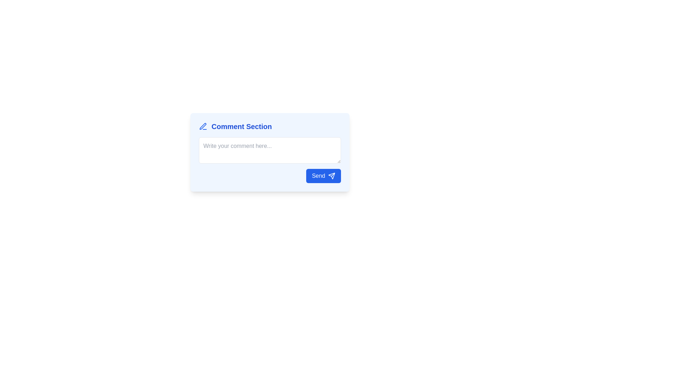 The width and height of the screenshot is (682, 384). Describe the element at coordinates (331, 176) in the screenshot. I see `the send action icon located on the right side of the 'Send' button in the bottom-right corner of the comment input section` at that location.